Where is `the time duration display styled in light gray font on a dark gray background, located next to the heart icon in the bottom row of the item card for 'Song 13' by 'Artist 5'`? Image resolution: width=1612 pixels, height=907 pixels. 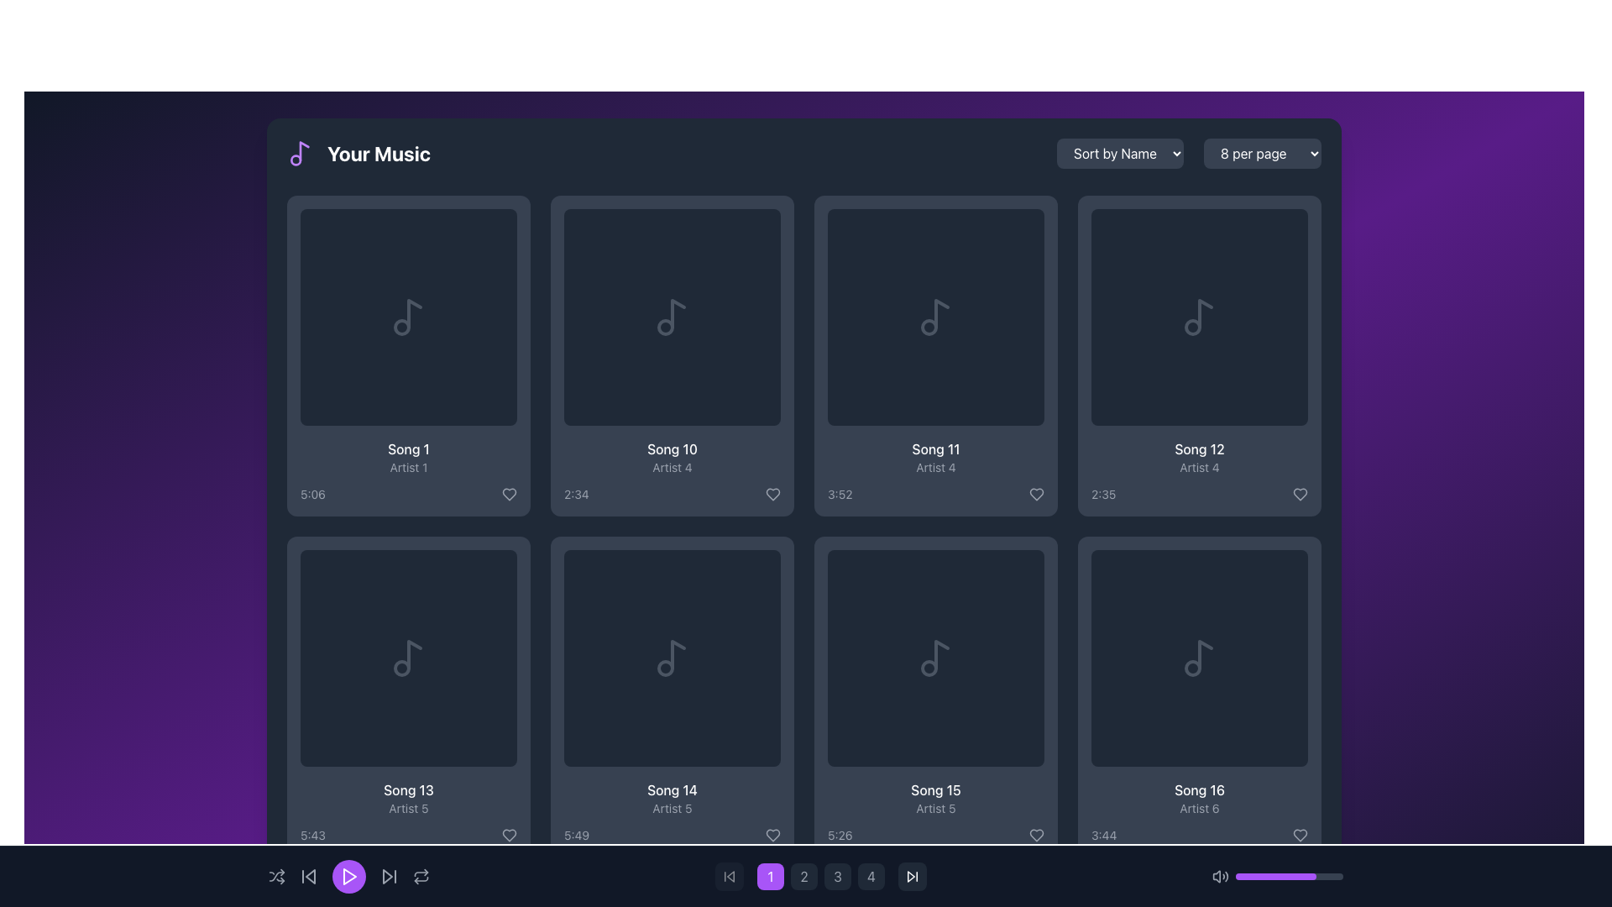 the time duration display styled in light gray font on a dark gray background, located next to the heart icon in the bottom row of the item card for 'Song 13' by 'Artist 5' is located at coordinates (408, 836).